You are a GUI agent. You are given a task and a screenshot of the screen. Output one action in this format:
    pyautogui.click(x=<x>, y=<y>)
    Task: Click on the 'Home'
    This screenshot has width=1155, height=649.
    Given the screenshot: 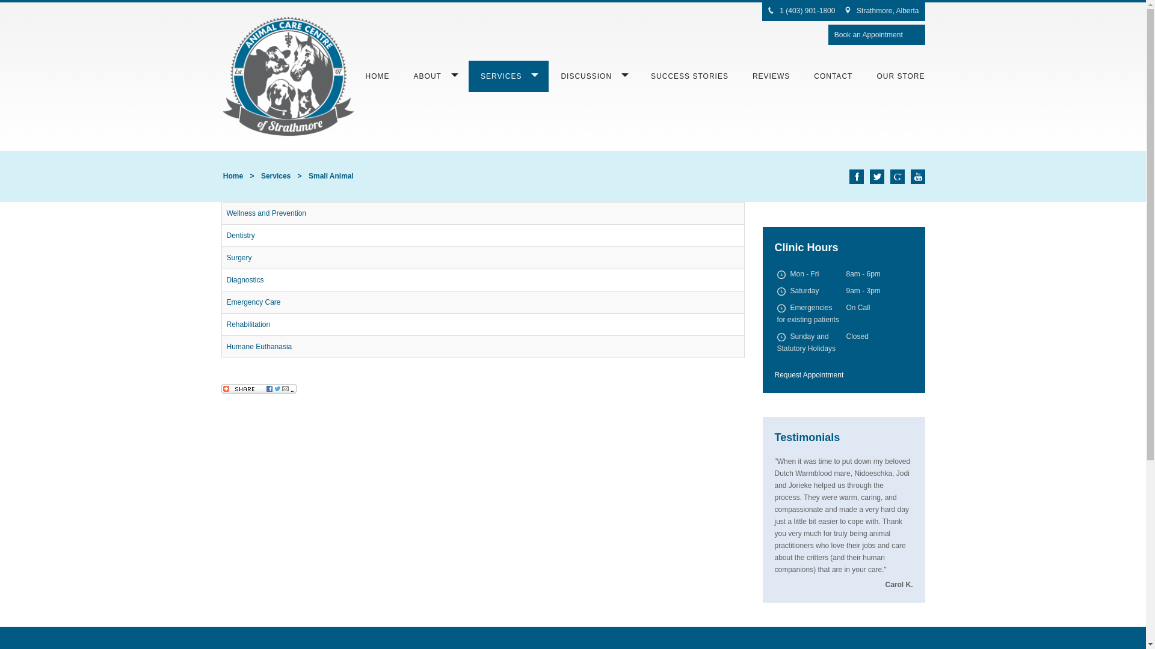 What is the action you would take?
    pyautogui.click(x=233, y=176)
    